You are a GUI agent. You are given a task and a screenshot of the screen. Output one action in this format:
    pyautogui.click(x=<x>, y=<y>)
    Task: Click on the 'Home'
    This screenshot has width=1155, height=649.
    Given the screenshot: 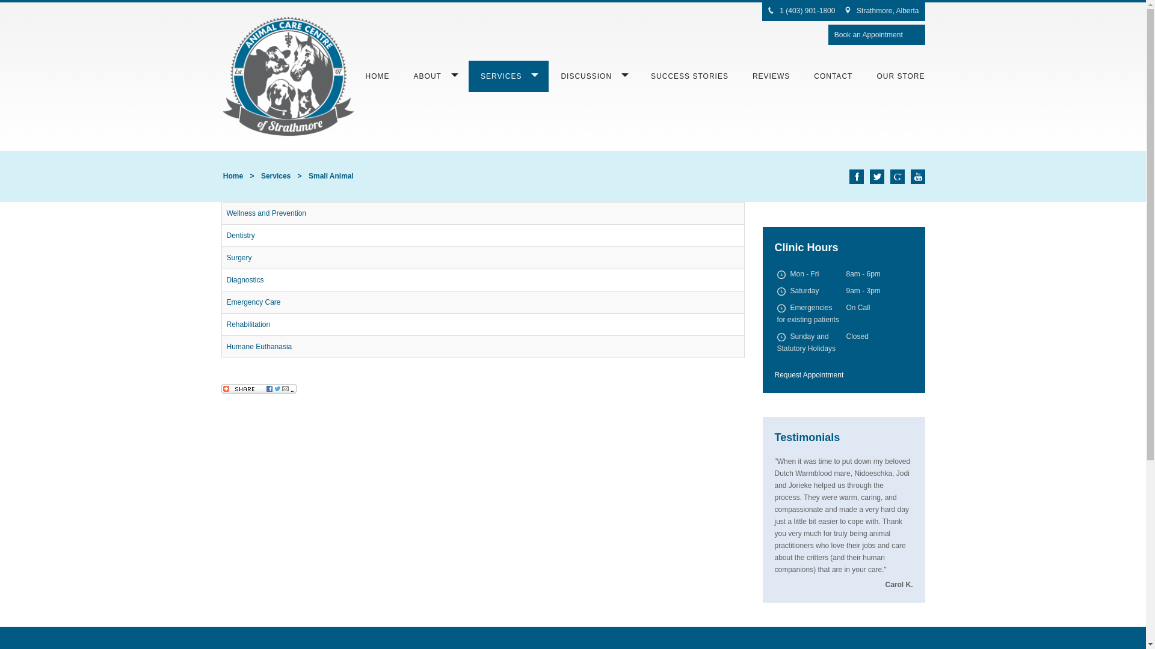 What is the action you would take?
    pyautogui.click(x=233, y=176)
    